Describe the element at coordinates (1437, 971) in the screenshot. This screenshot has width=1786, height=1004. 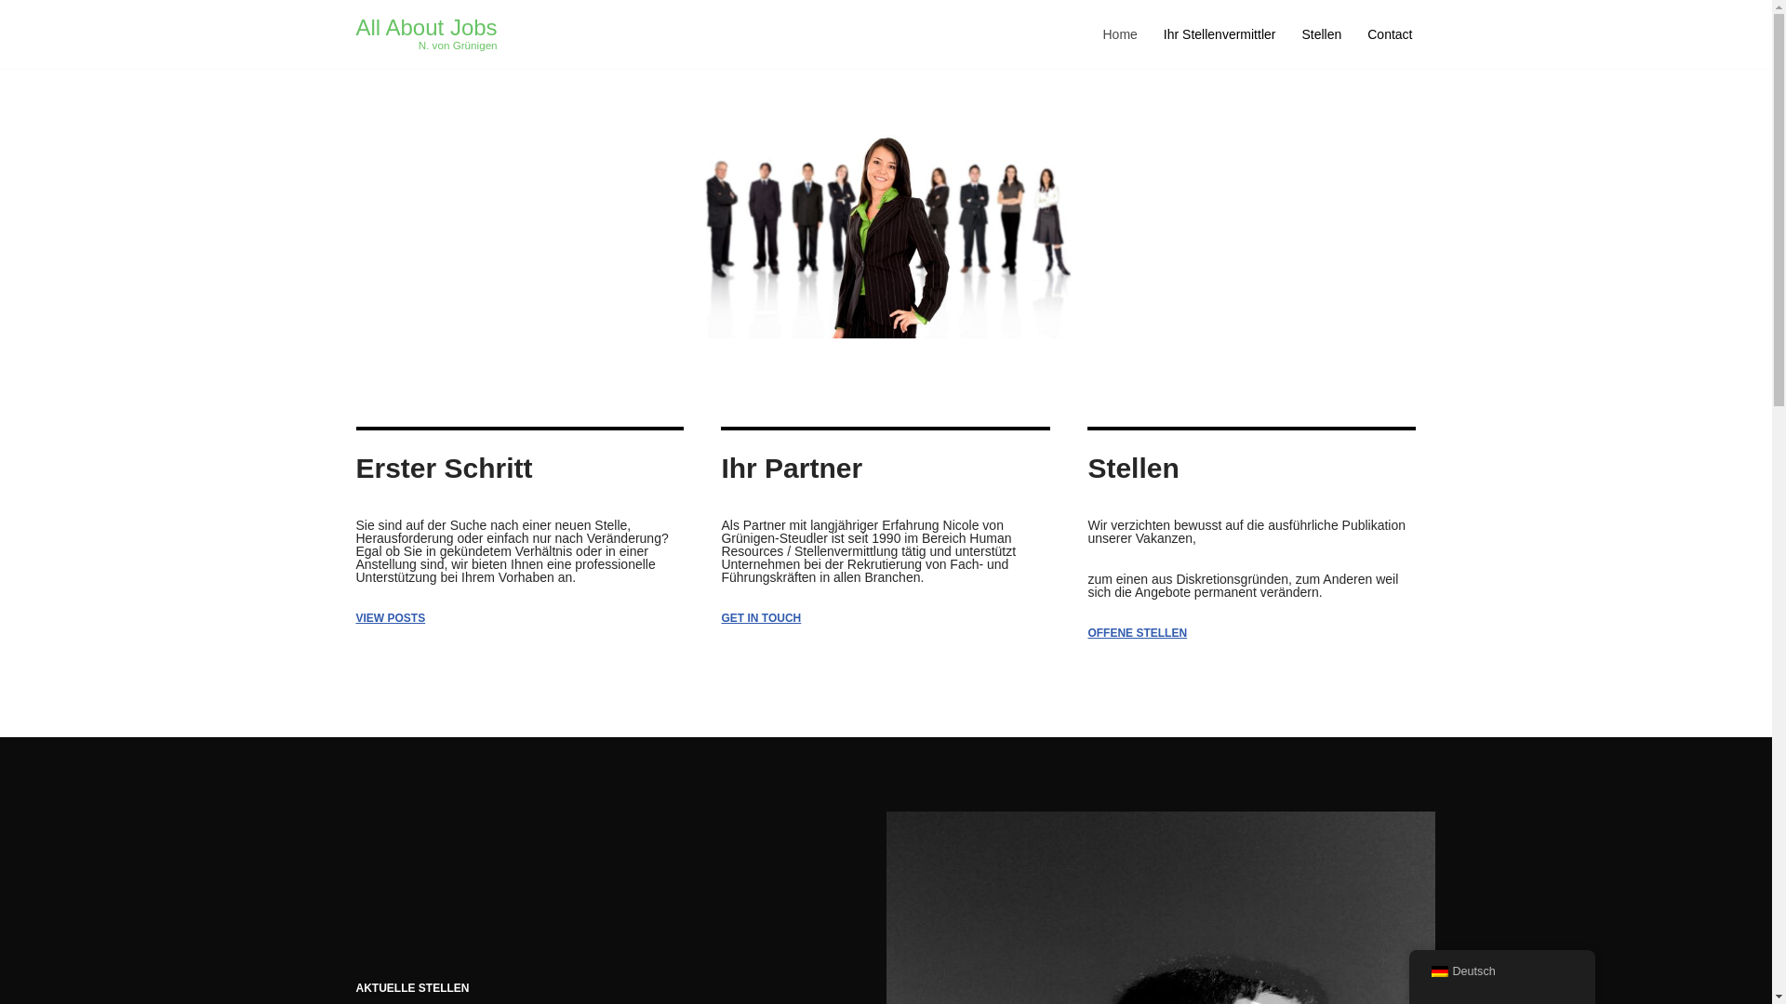
I see `'Deutsch'` at that location.